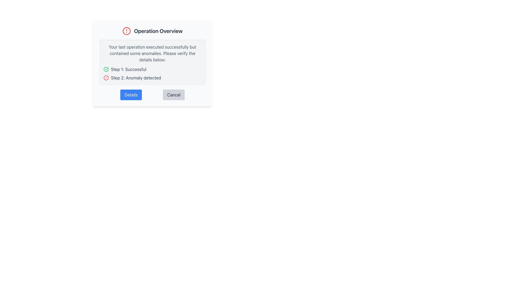  Describe the element at coordinates (126, 31) in the screenshot. I see `the SVG circle graphical element located at the center of the warning icon in the 'Operation Overview' popup, above the status messages` at that location.